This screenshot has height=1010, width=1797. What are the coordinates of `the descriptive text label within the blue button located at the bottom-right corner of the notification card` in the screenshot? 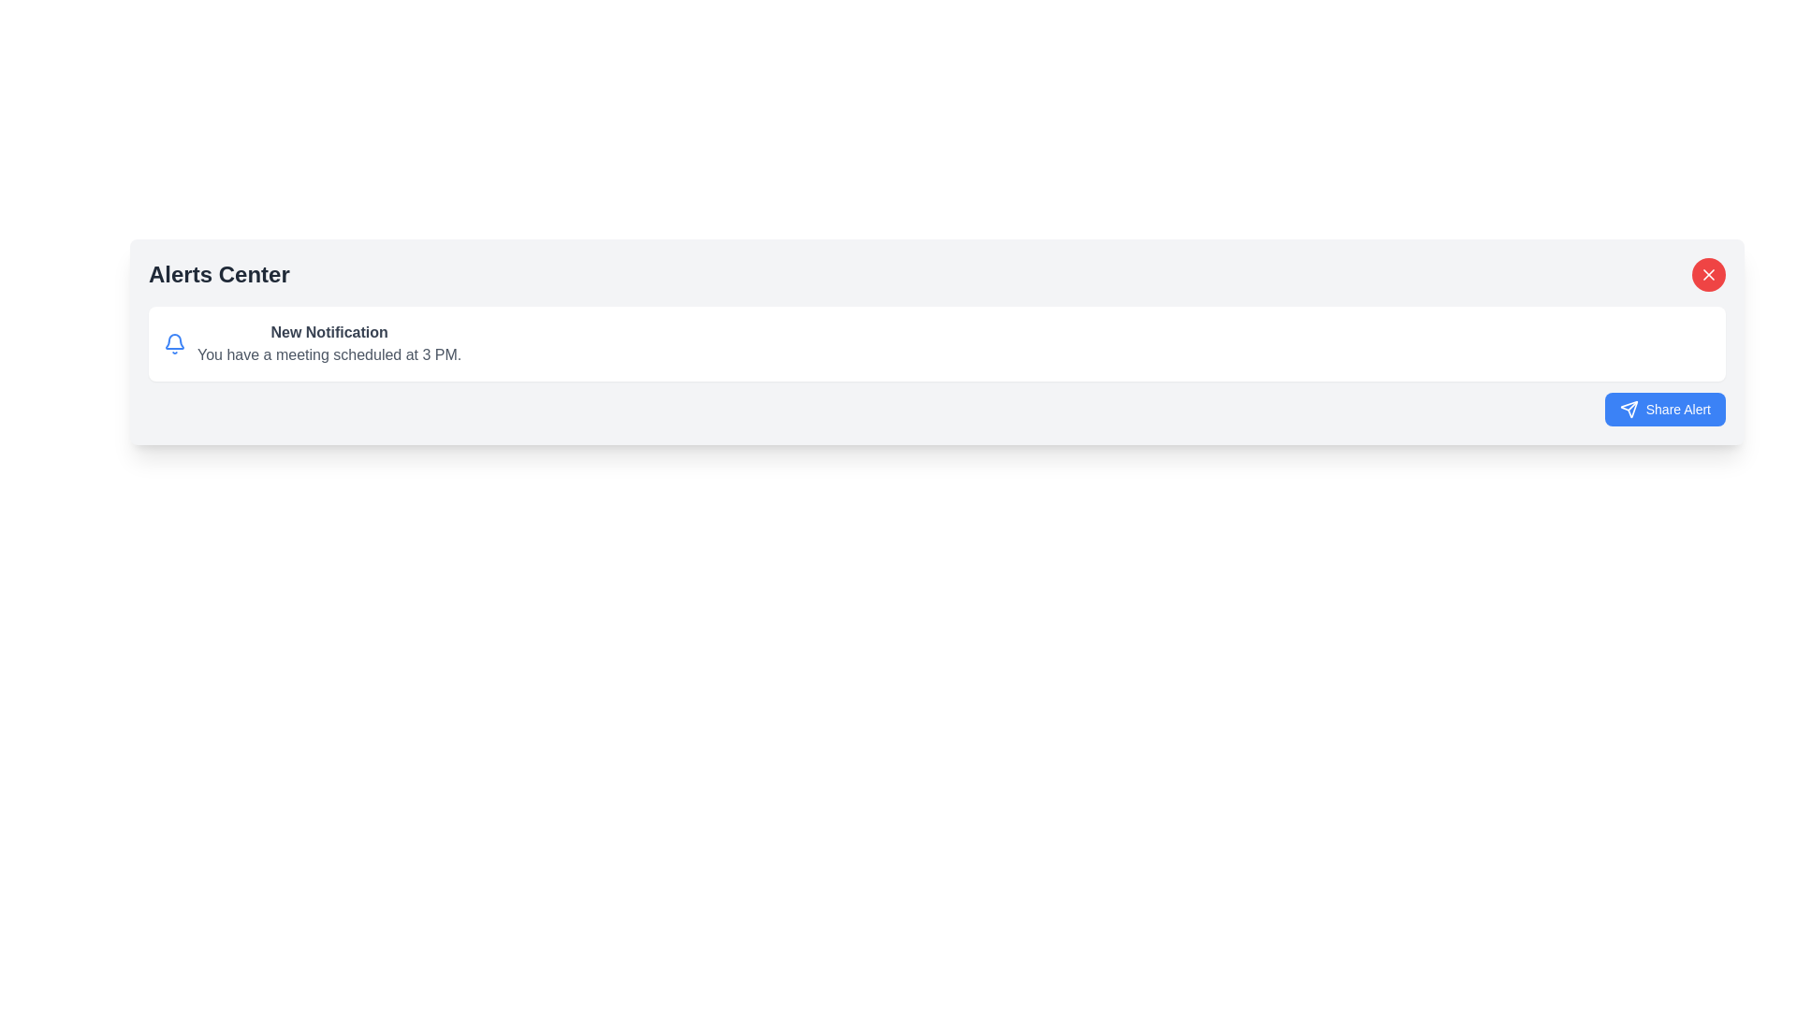 It's located at (1678, 409).